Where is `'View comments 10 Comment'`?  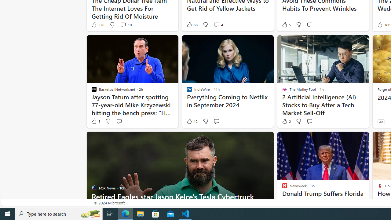
'View comments 10 Comment' is located at coordinates (122, 24).